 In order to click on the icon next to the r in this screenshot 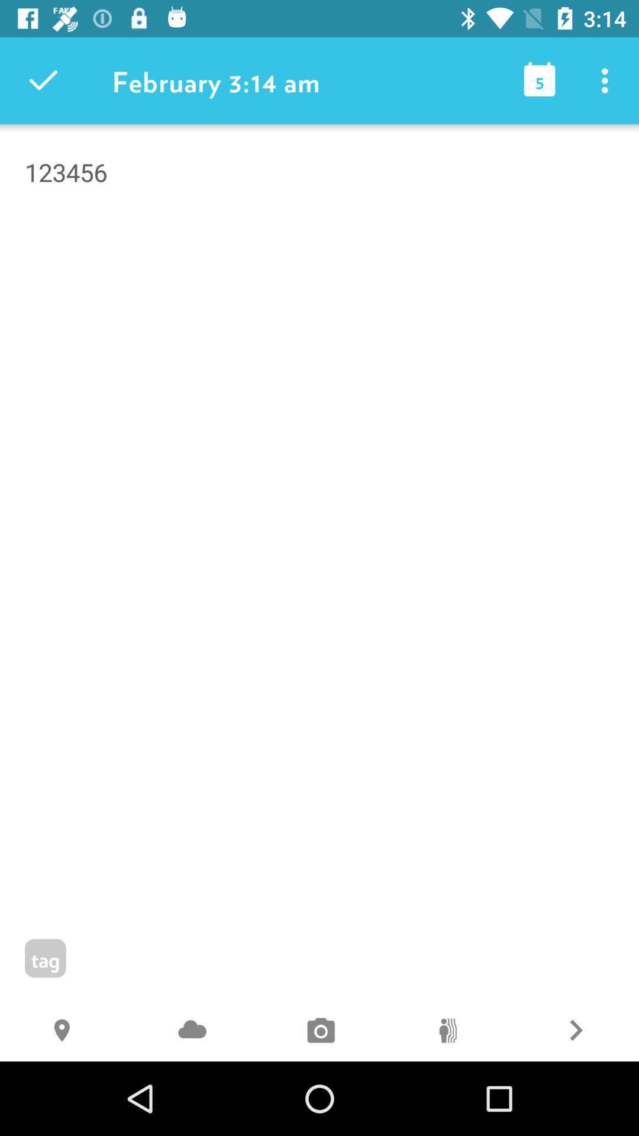, I will do `click(447, 1031)`.